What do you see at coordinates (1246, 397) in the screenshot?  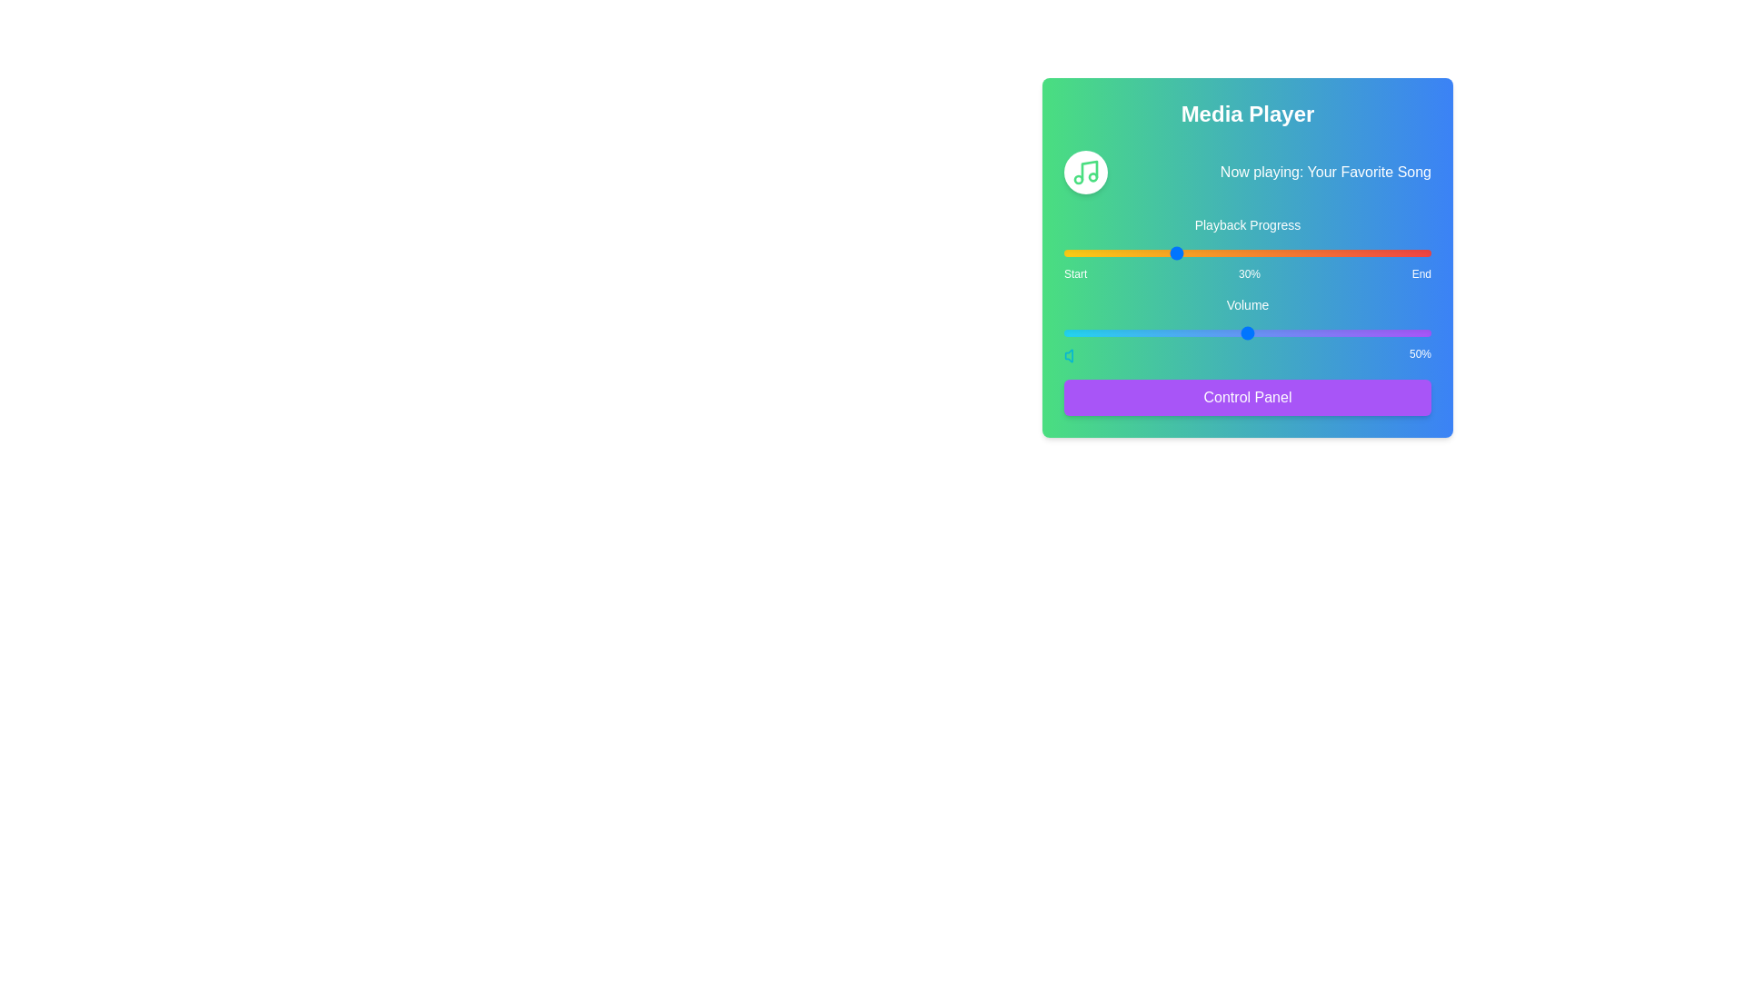 I see `'Control Panel' button` at bounding box center [1246, 397].